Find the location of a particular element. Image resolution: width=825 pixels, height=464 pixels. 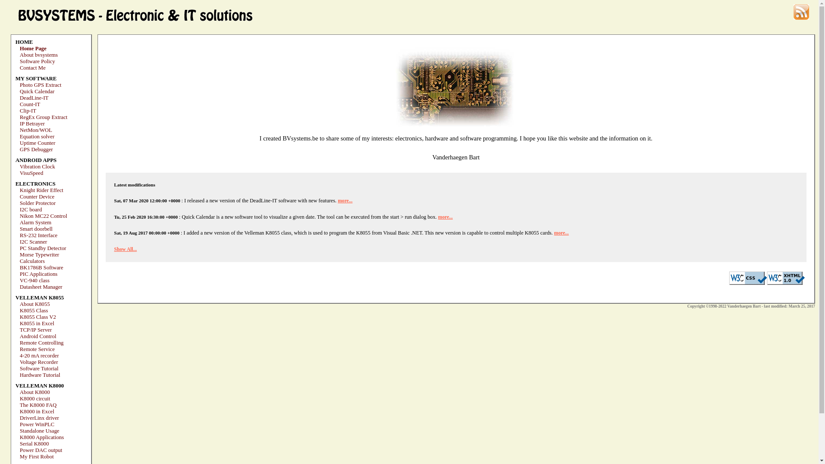

'DeadLine-IT' is located at coordinates (34, 97).